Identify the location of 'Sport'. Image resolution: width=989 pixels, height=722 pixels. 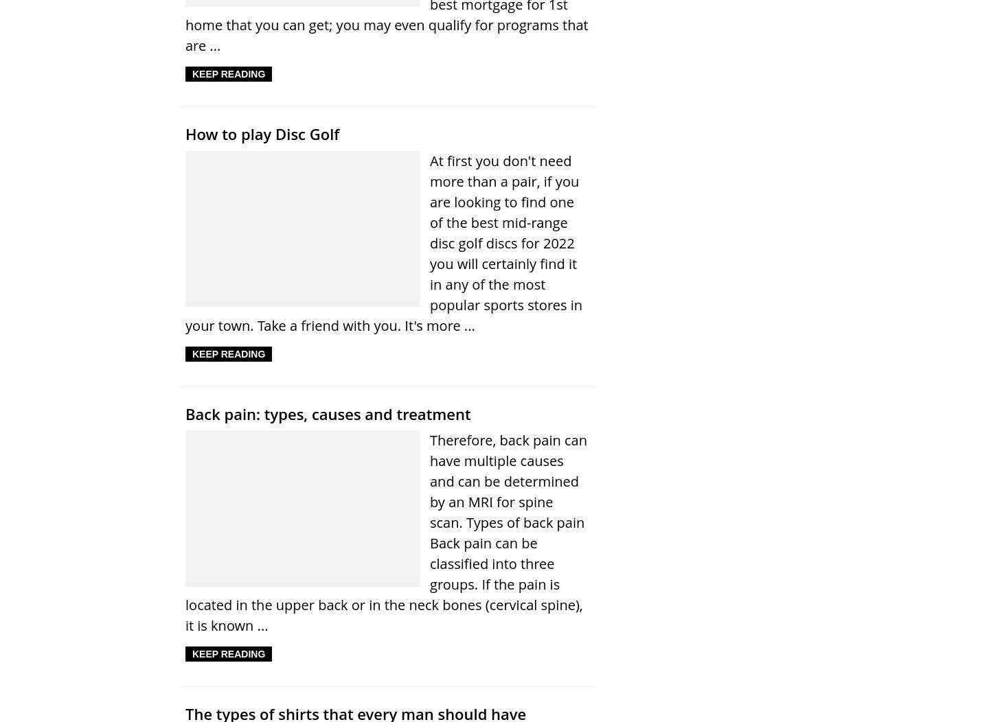
(277, 201).